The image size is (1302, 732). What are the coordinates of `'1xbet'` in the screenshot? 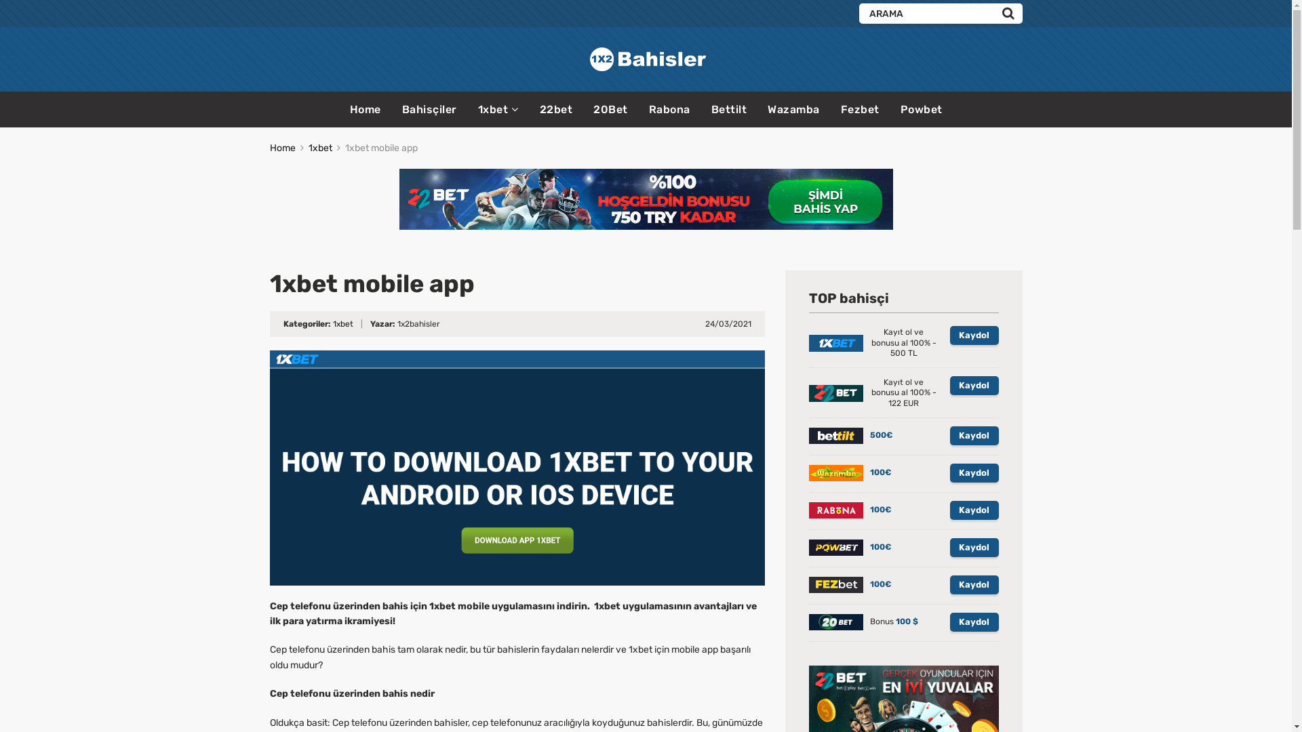 It's located at (342, 324).